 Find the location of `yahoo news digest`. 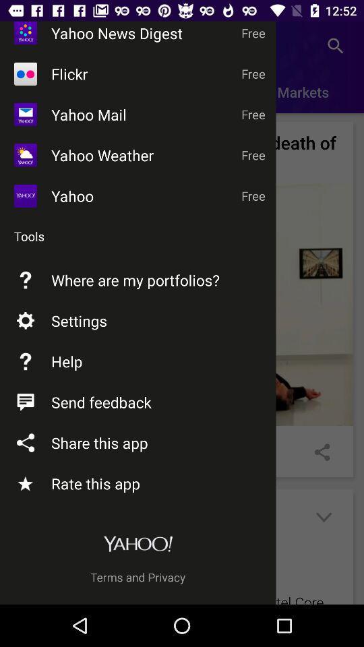

yahoo news digest is located at coordinates (113, 45).